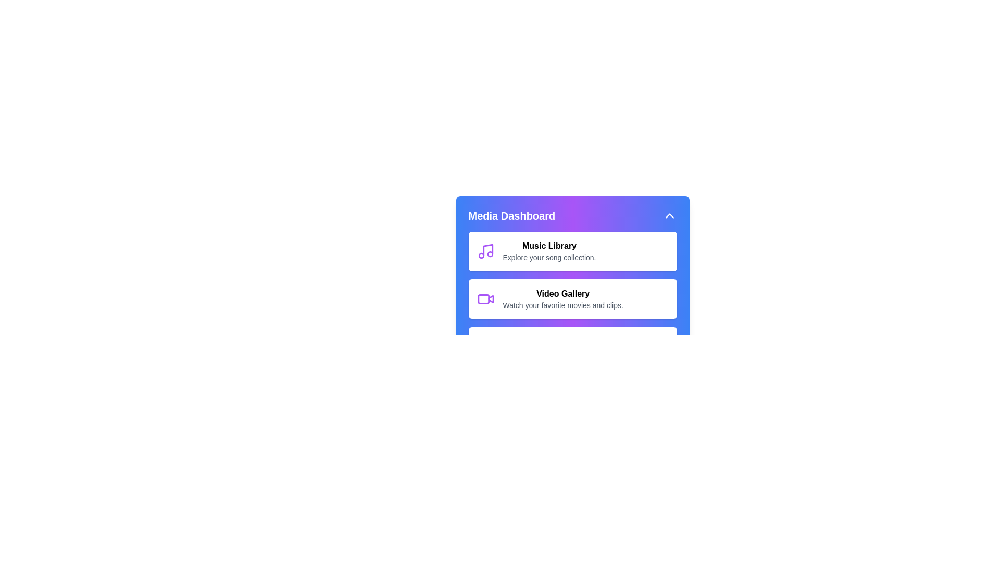 The image size is (1000, 562). What do you see at coordinates (669, 215) in the screenshot?
I see `arrow button at the top-right corner of the MultimediaDashboard to toggle the menu visibility` at bounding box center [669, 215].